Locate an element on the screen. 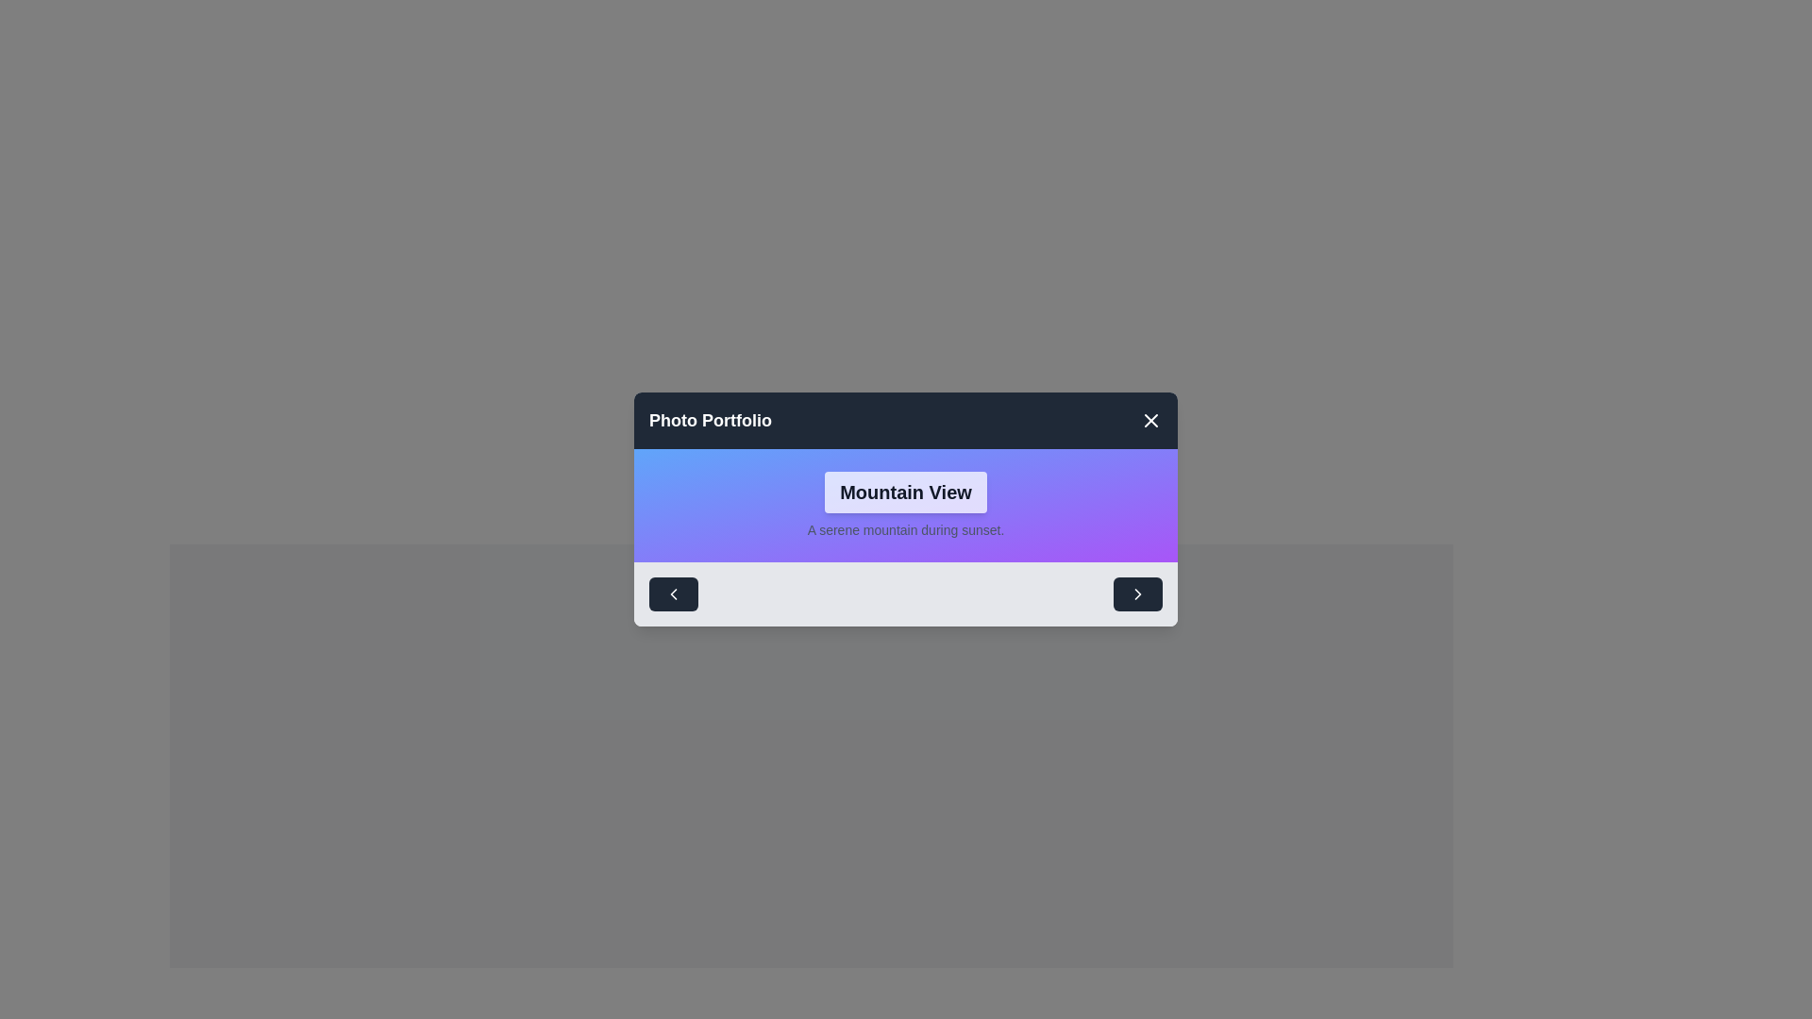 This screenshot has width=1812, height=1019. the diagonal cross icon, which is a thin white SVG line drawing located within a small red square in the top-right corner of the dark navy 'Photo Portfolio' panel is located at coordinates (1149, 420).